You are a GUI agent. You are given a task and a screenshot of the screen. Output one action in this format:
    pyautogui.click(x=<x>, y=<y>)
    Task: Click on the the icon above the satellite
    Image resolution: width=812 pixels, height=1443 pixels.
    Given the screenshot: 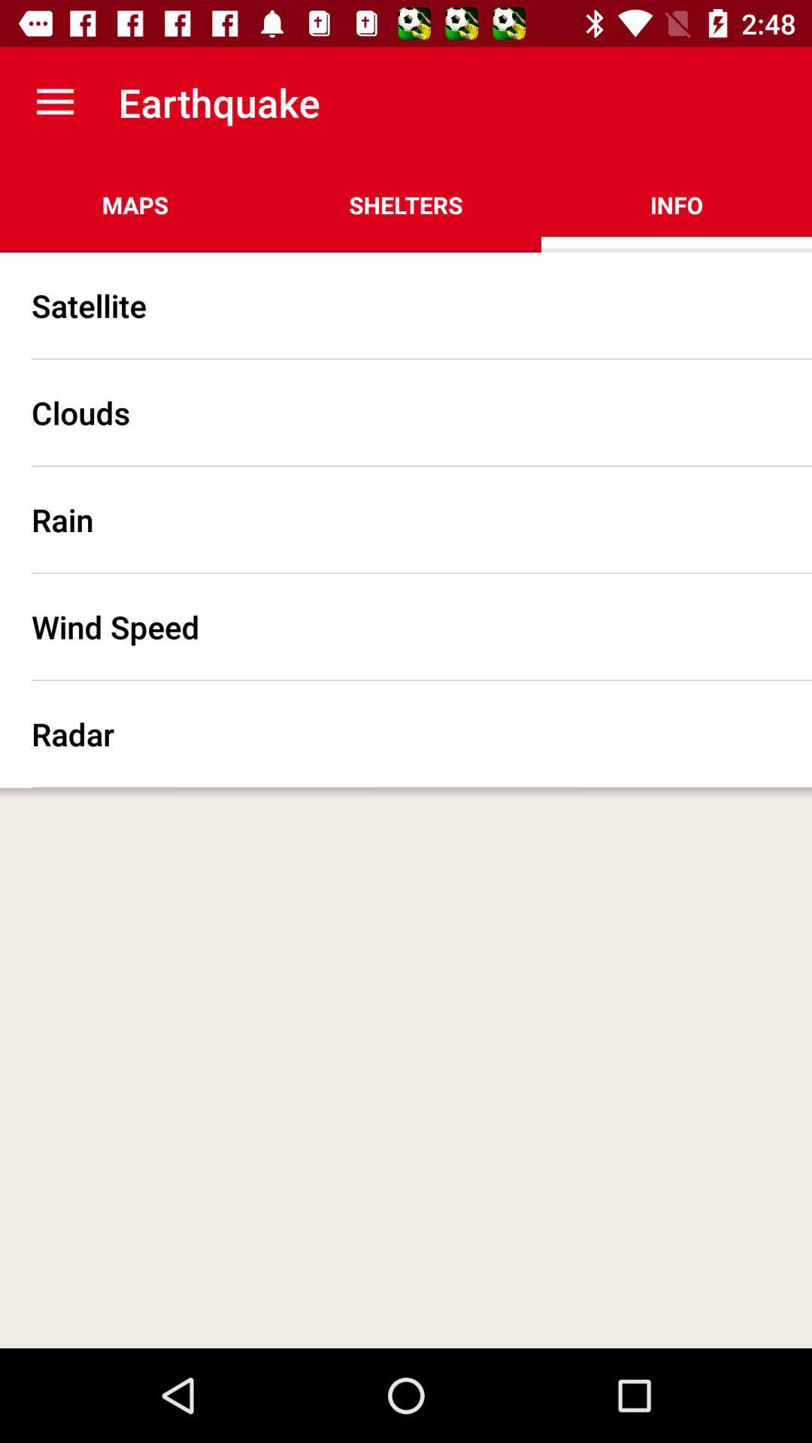 What is the action you would take?
    pyautogui.click(x=135, y=204)
    